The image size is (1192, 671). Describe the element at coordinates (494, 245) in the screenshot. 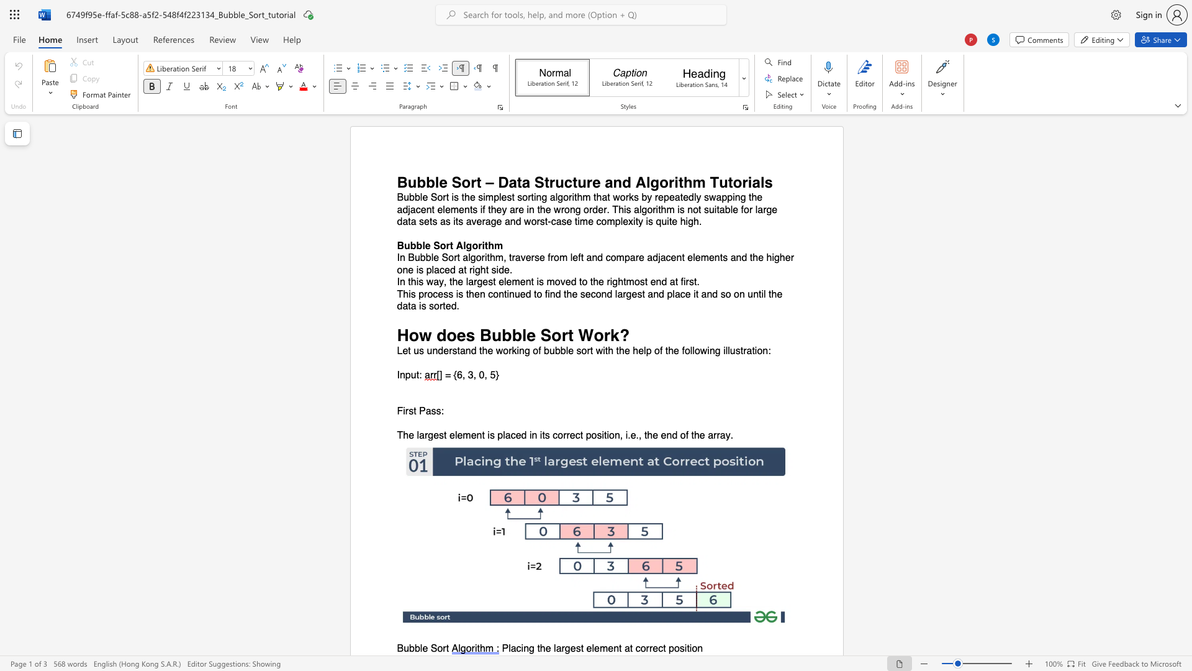

I see `the space between the continuous character "h" and "m" in the text` at that location.